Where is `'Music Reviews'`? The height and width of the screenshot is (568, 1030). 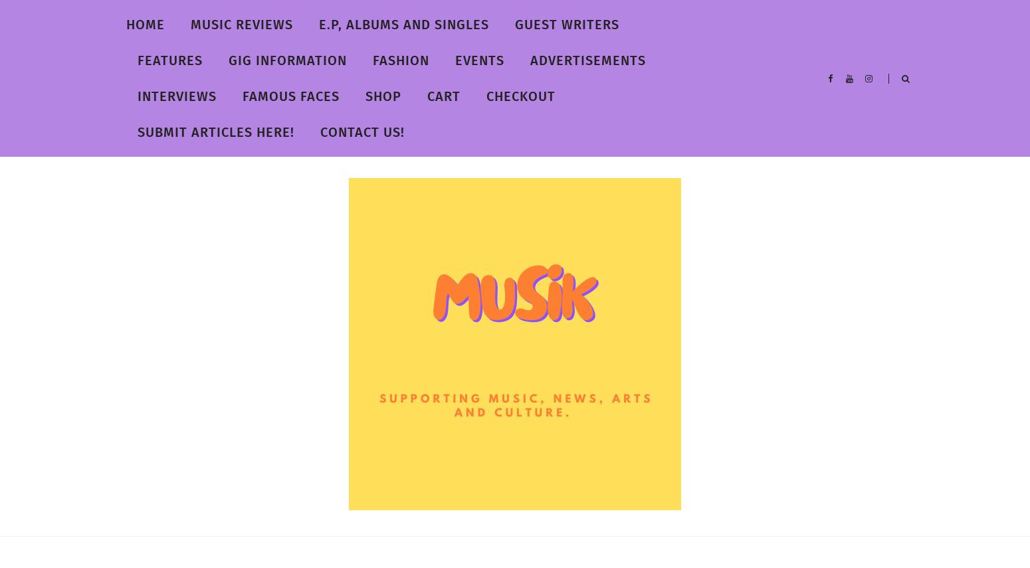 'Music Reviews' is located at coordinates (191, 24).